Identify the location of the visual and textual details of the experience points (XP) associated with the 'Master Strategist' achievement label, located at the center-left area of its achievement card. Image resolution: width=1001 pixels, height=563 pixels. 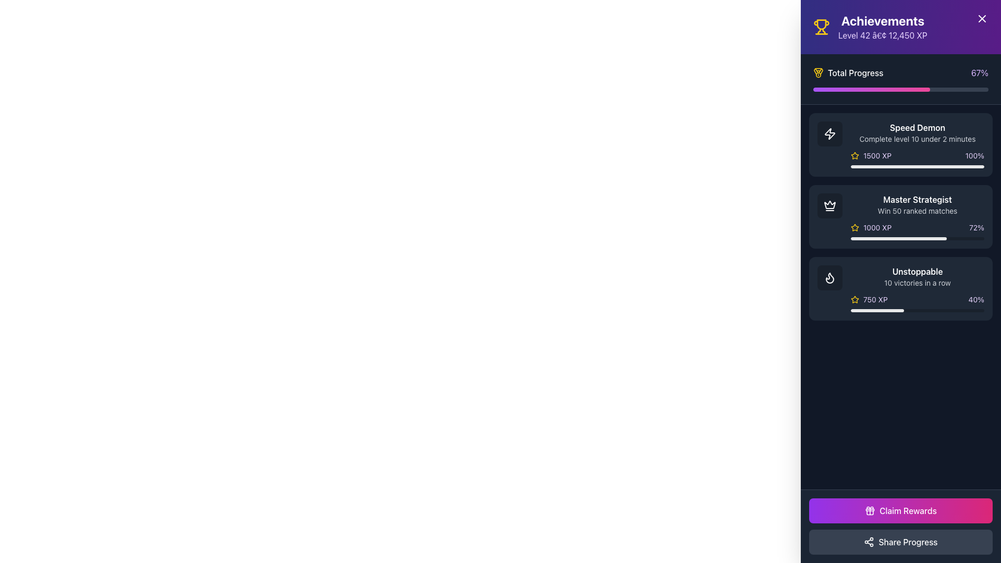
(871, 227).